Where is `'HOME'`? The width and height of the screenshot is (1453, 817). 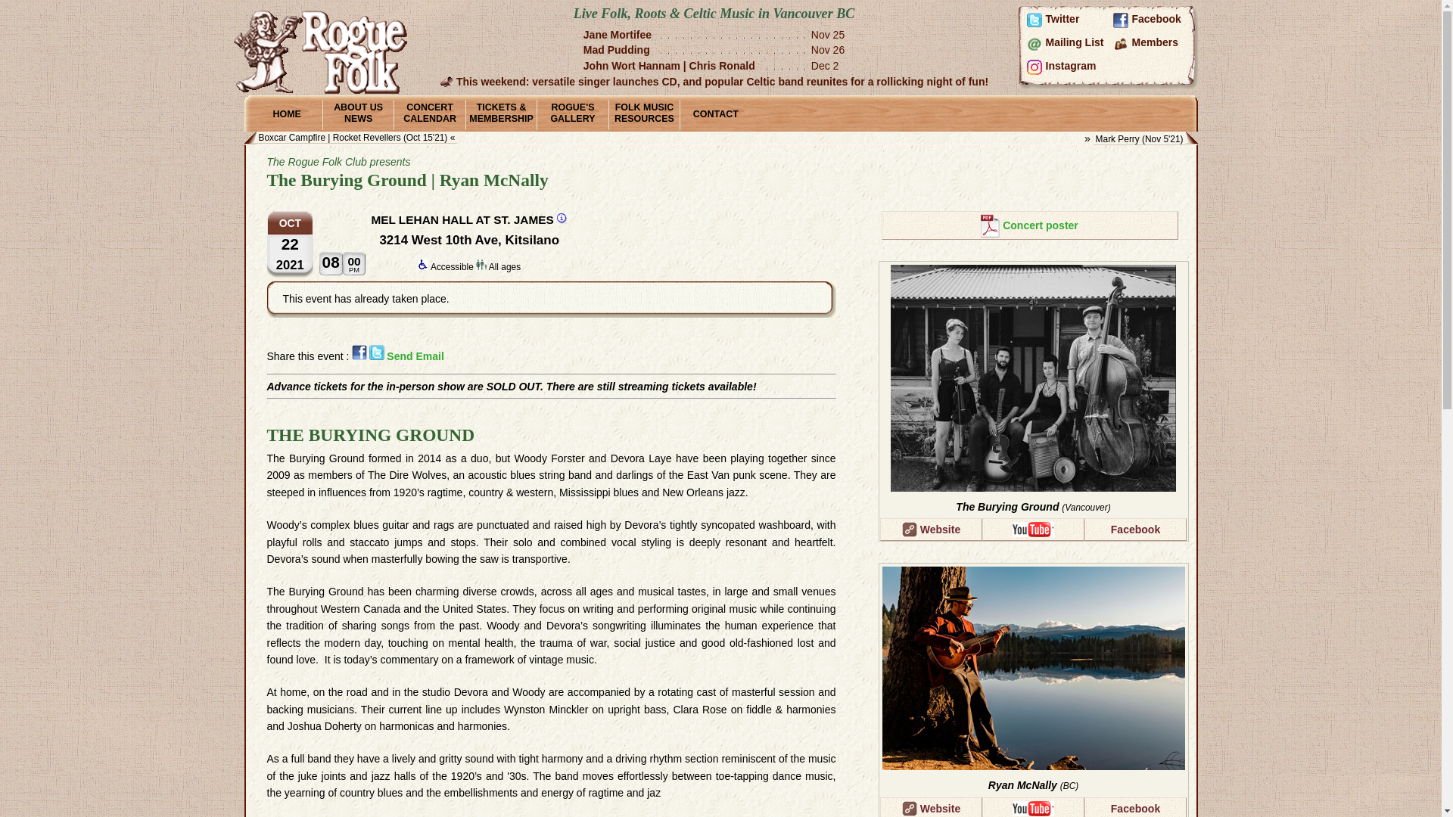 'HOME' is located at coordinates (286, 113).